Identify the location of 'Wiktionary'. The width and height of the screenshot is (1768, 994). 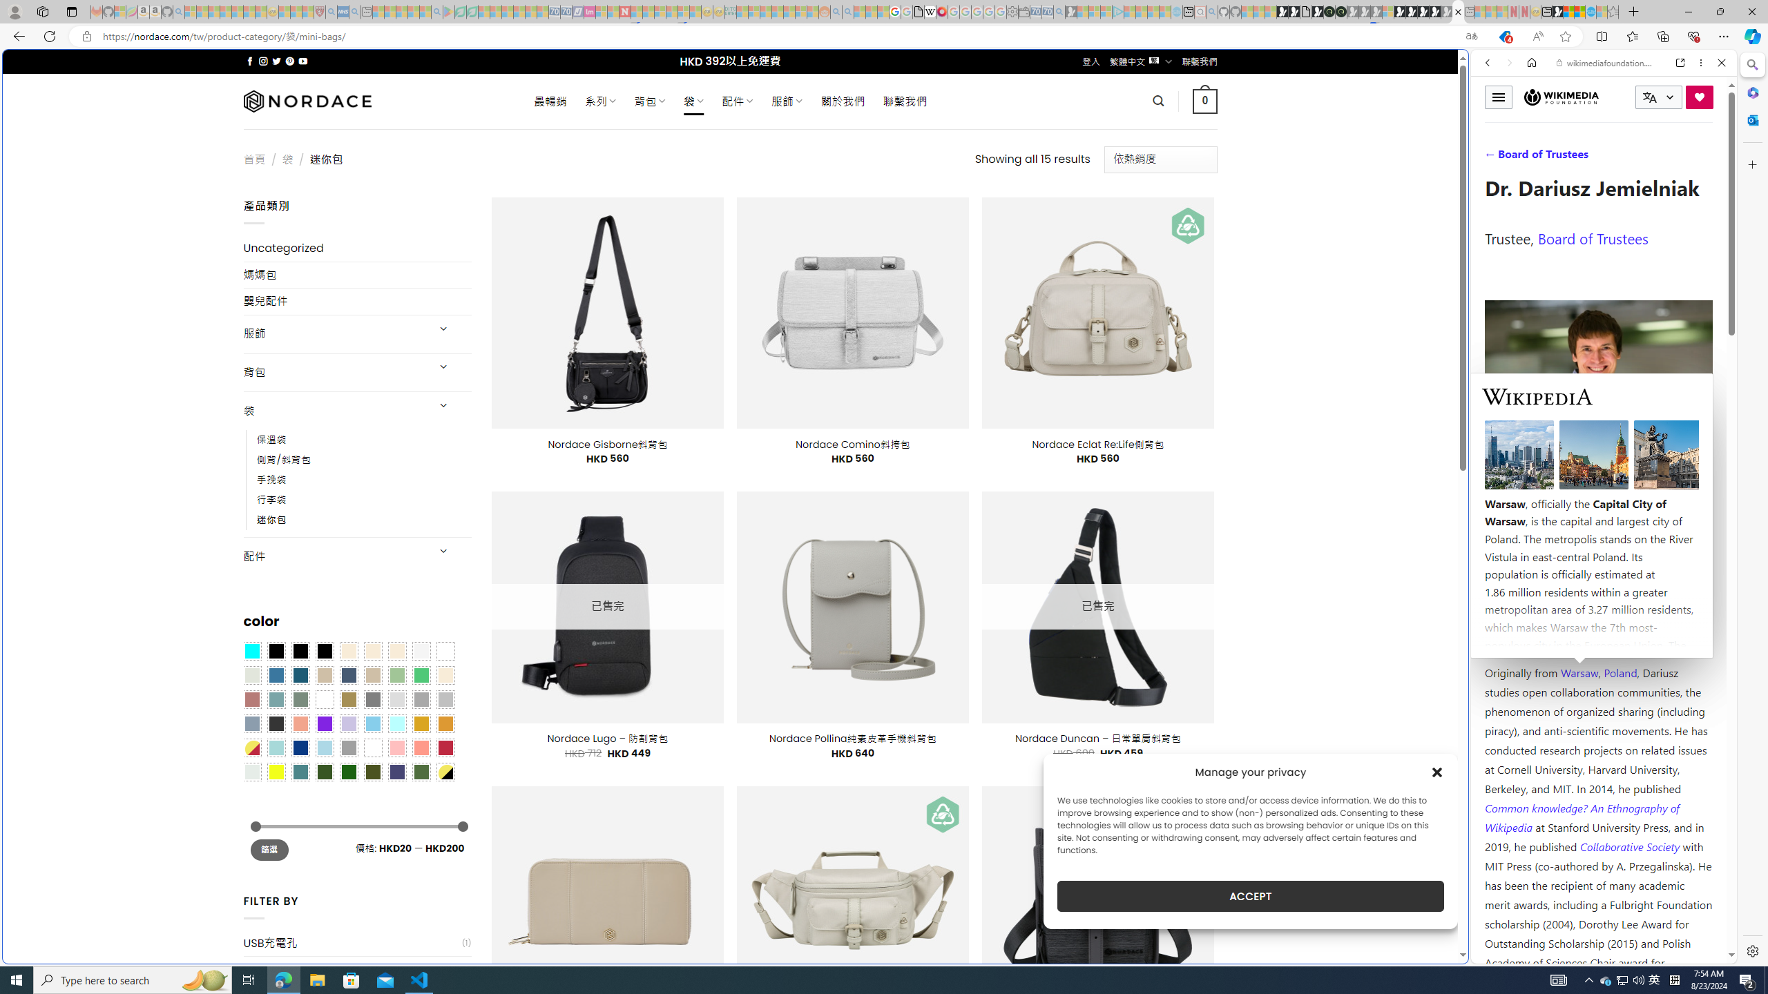
(1598, 462).